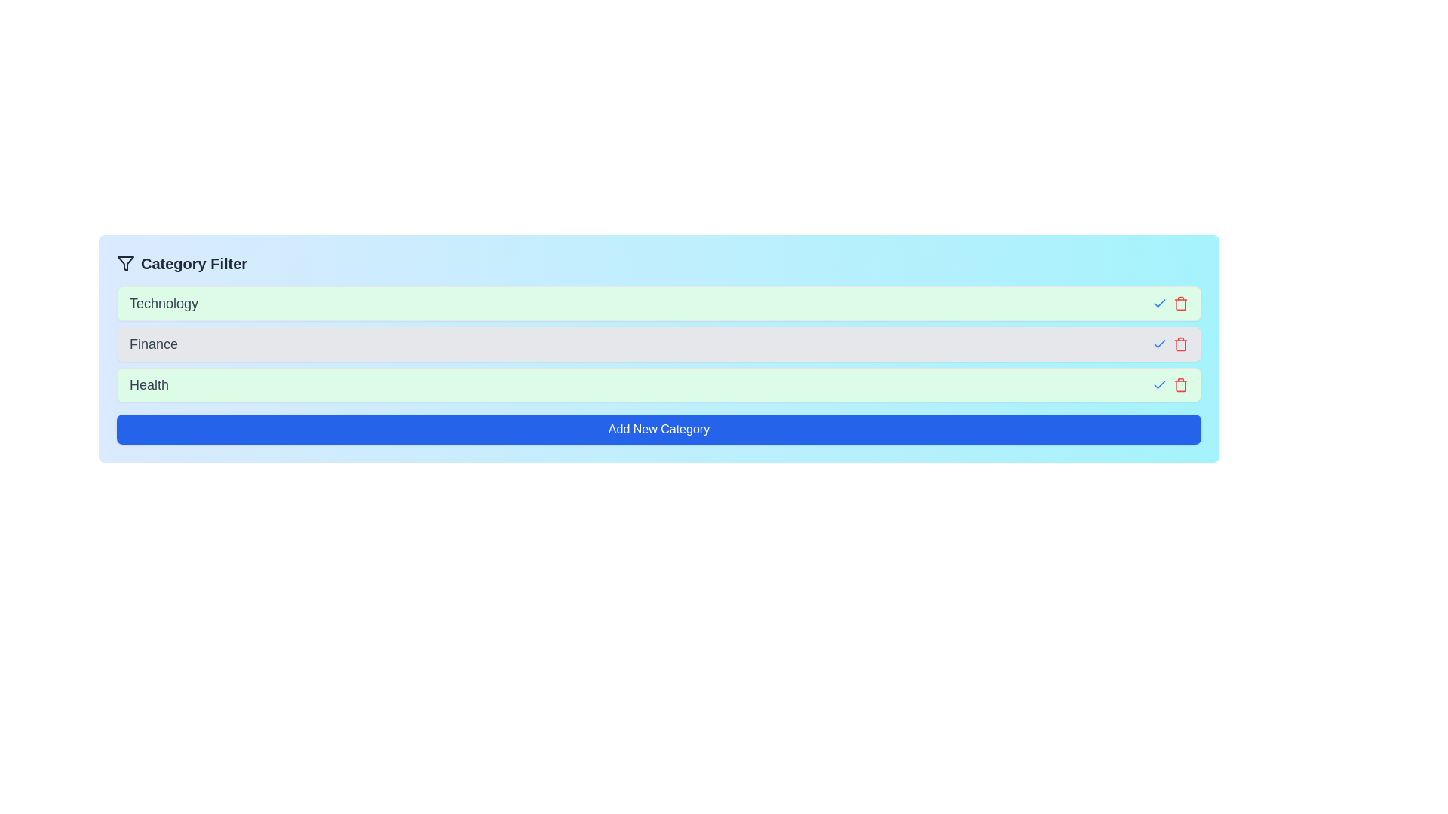 The image size is (1448, 814). Describe the element at coordinates (1180, 303) in the screenshot. I see `the trash icon next to the category Technology to remove it` at that location.